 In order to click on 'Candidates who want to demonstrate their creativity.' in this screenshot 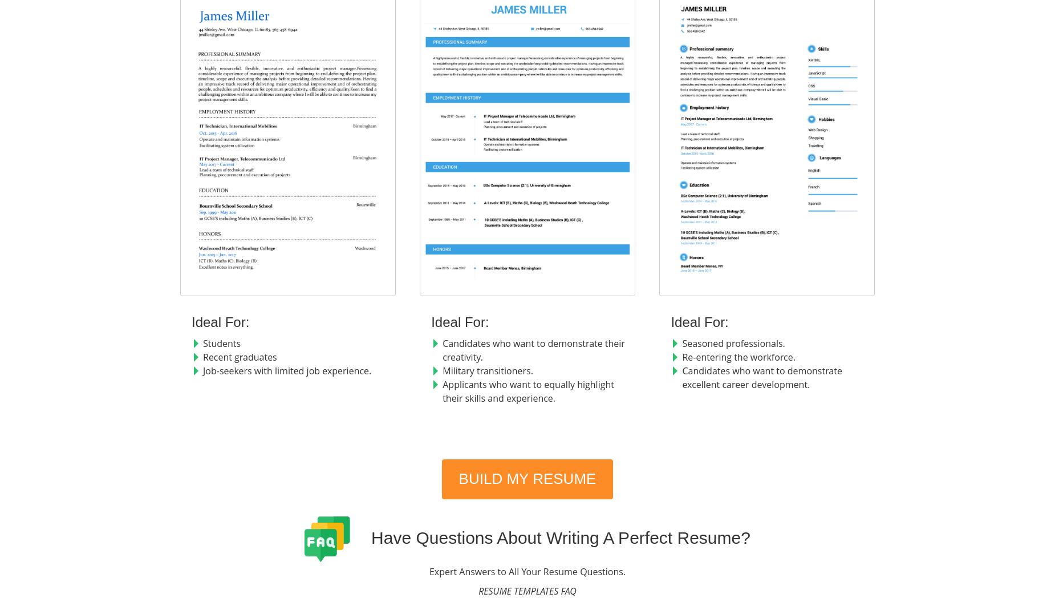, I will do `click(533, 349)`.